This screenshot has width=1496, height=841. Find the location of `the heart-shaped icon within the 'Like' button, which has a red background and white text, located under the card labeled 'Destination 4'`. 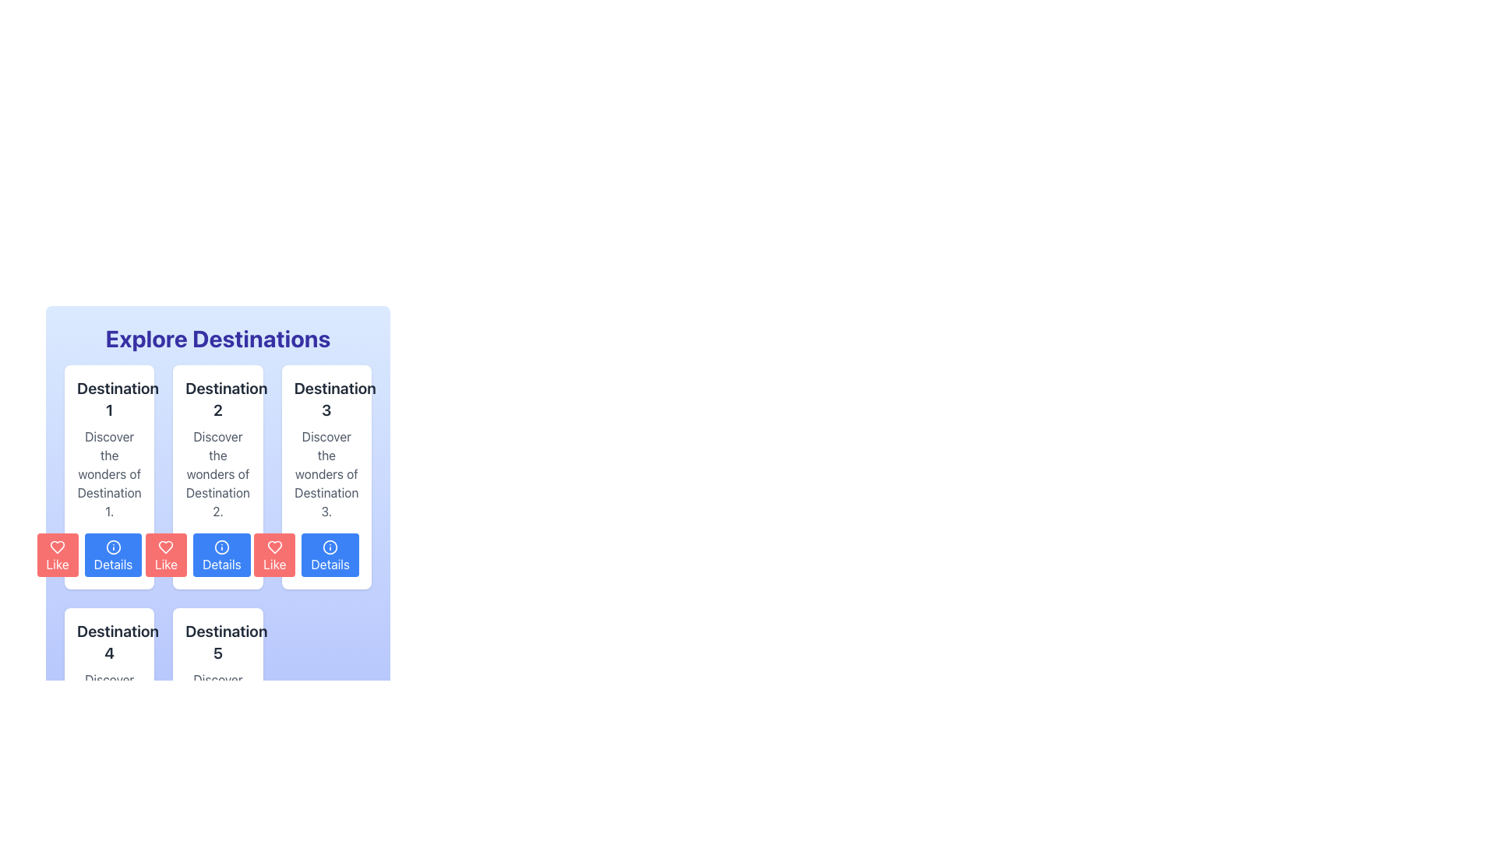

the heart-shaped icon within the 'Like' button, which has a red background and white text, located under the card labeled 'Destination 4' is located at coordinates (58, 798).